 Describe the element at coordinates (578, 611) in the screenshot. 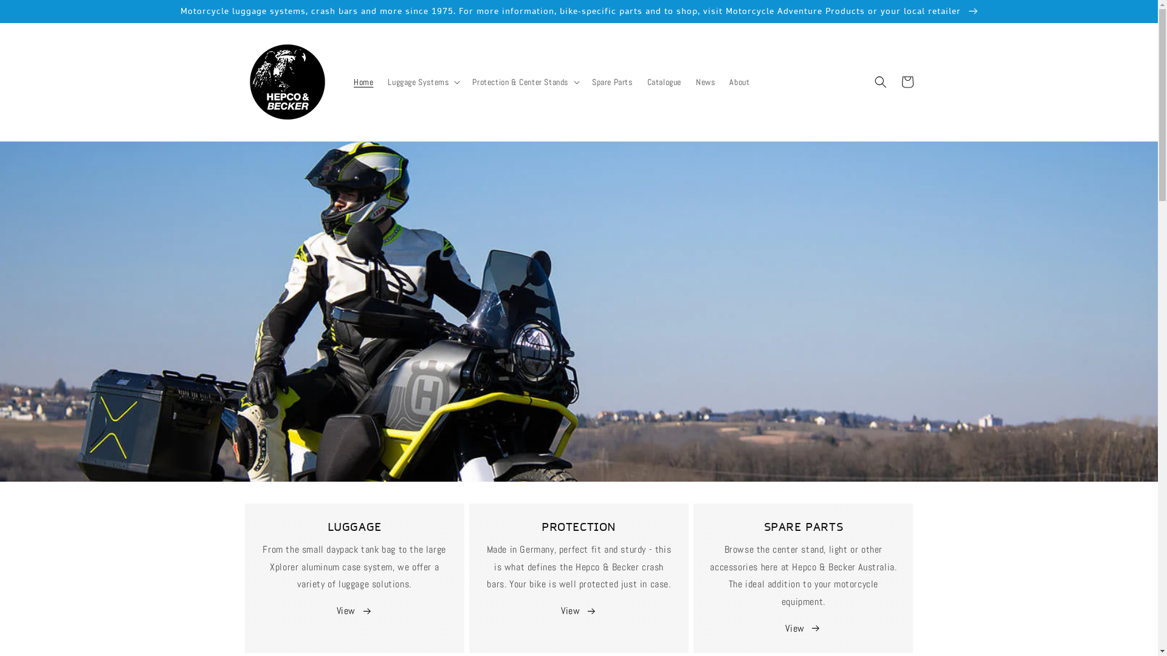

I see `'View '` at that location.